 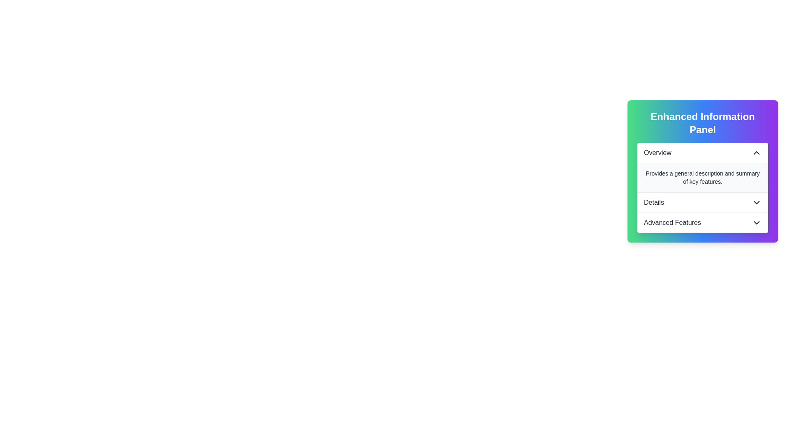 I want to click on the 'Details' dropdown toggle button, which is located in the middle section of the vertical panel, so click(x=702, y=203).